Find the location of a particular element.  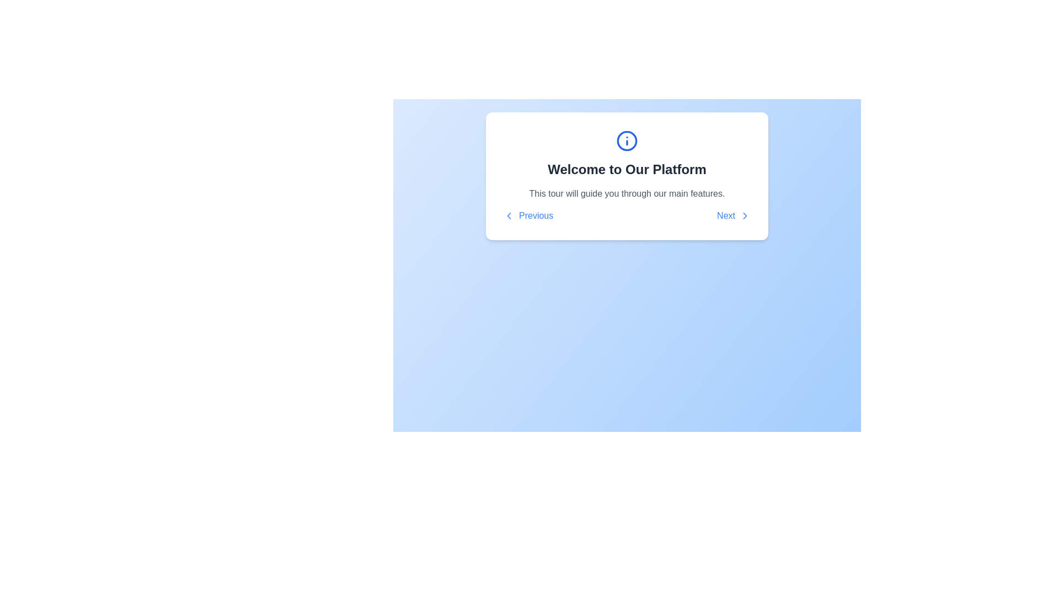

the rightward-pointing chevron-shaped arrow icon next to the 'Next' text label is located at coordinates (745, 216).